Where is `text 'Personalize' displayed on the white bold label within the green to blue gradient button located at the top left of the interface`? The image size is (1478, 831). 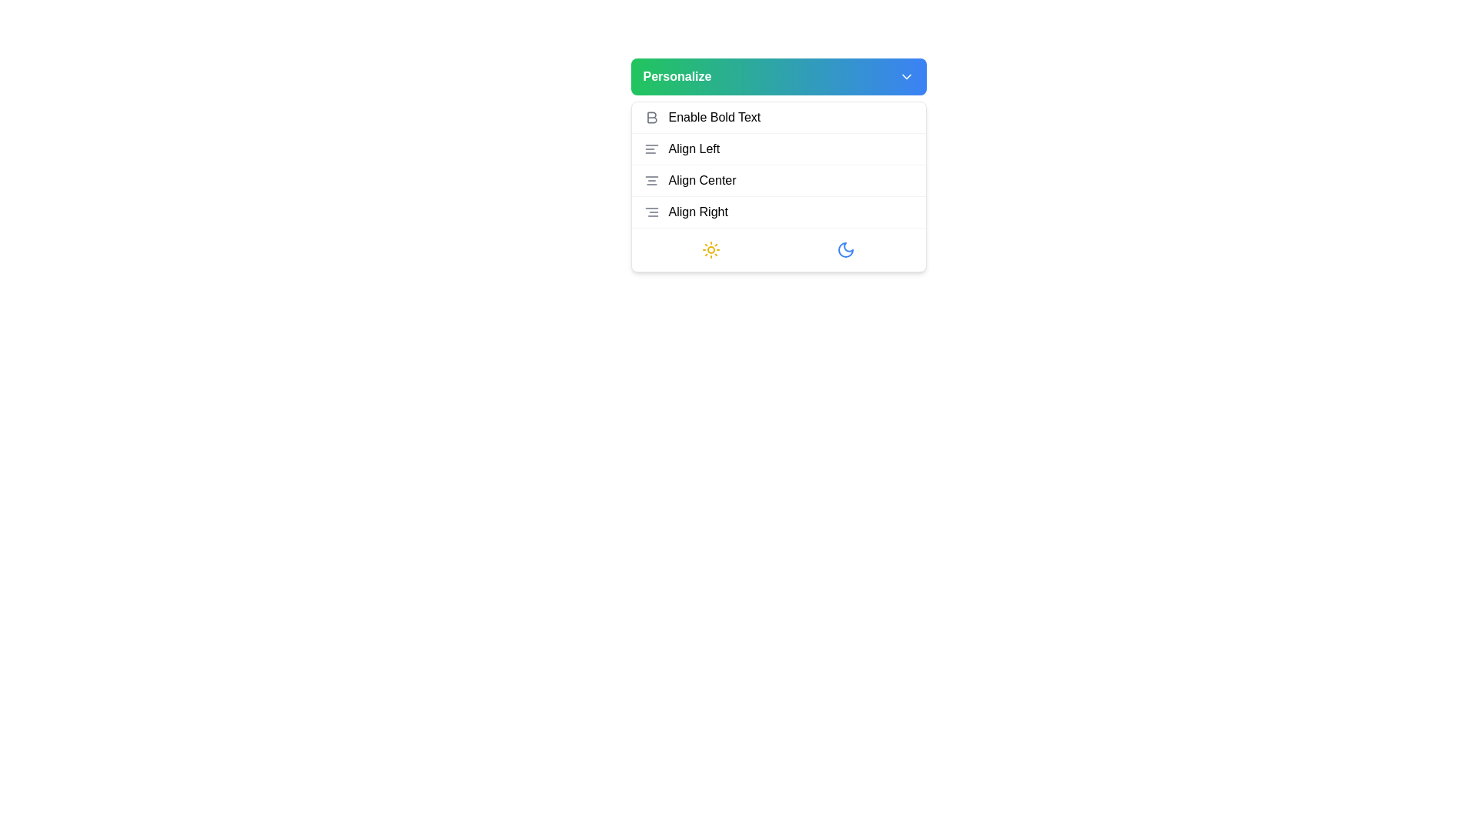 text 'Personalize' displayed on the white bold label within the green to blue gradient button located at the top left of the interface is located at coordinates (677, 77).